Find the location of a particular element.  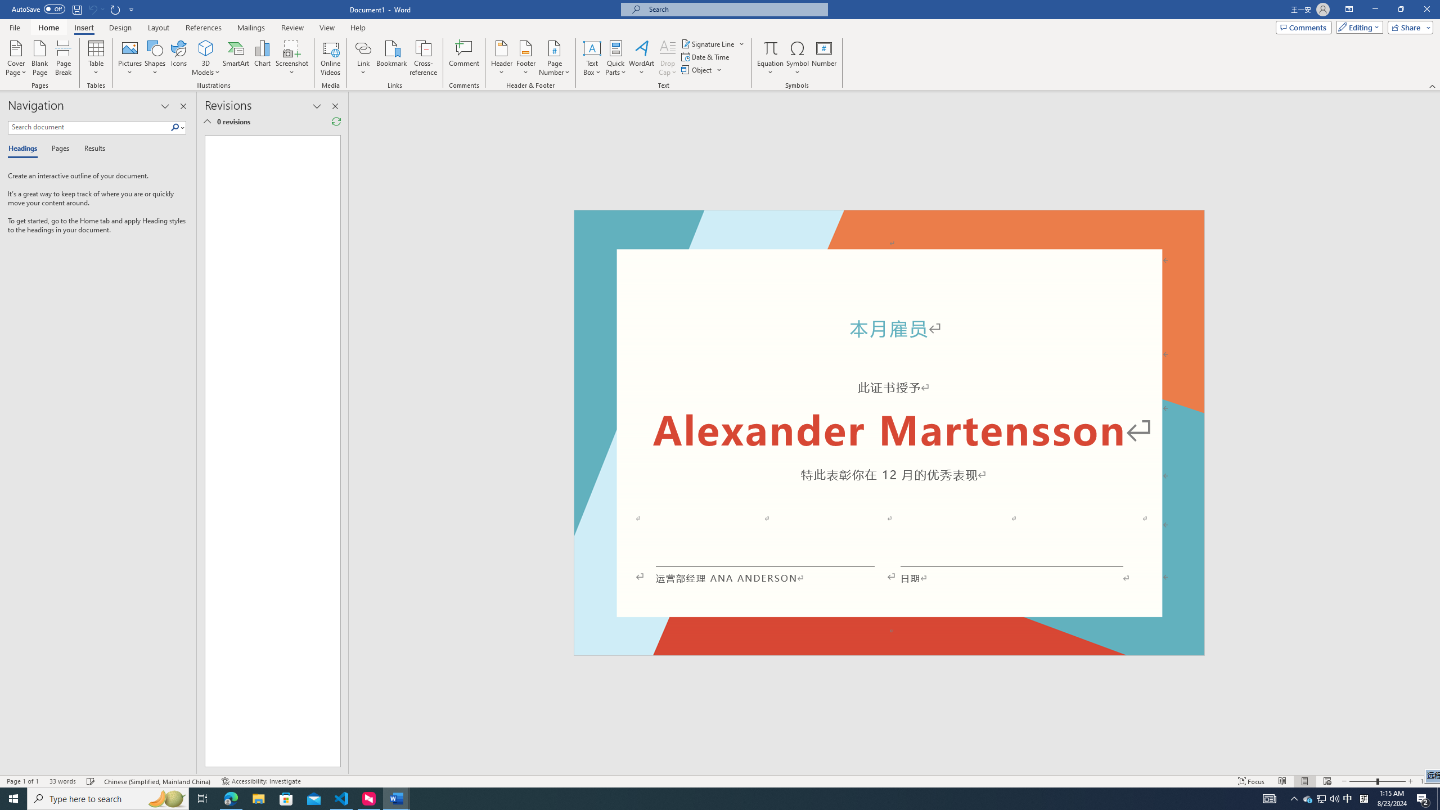

'Online Videos...' is located at coordinates (330, 58).